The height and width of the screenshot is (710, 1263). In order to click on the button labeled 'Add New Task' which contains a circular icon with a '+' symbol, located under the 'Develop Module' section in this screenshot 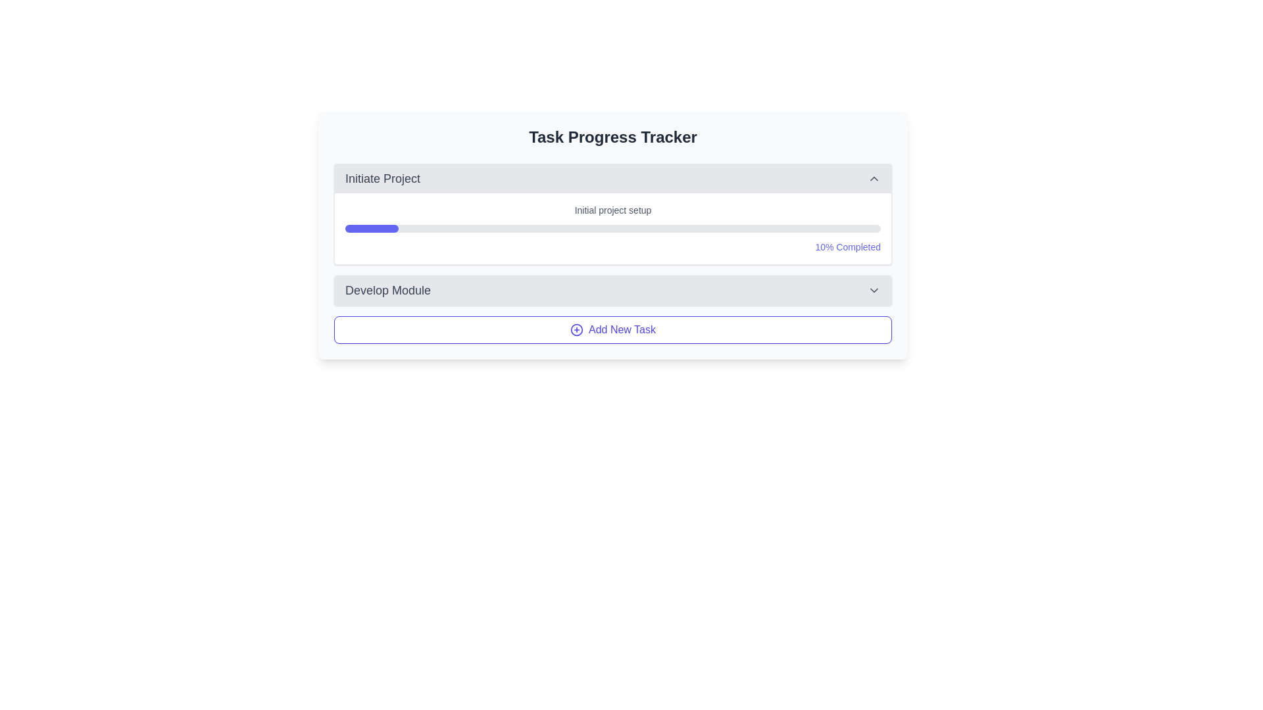, I will do `click(577, 329)`.